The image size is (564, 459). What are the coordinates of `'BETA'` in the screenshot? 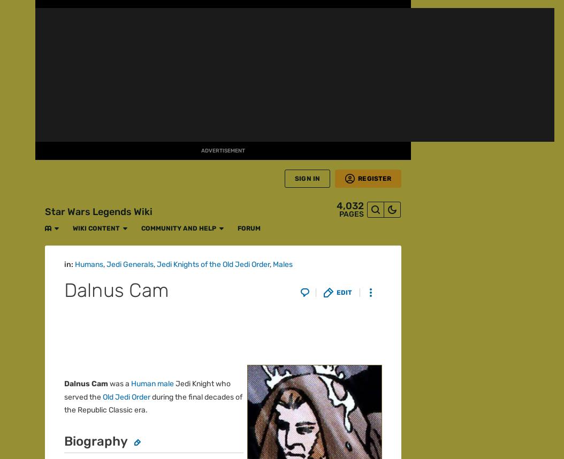 It's located at (17, 114).